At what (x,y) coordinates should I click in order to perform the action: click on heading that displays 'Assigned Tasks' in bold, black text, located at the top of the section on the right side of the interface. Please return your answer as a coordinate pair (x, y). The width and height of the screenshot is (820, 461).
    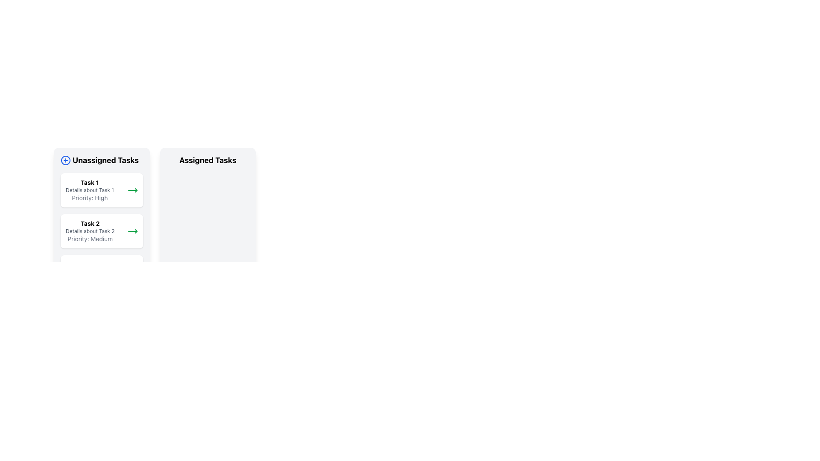
    Looking at the image, I should click on (208, 160).